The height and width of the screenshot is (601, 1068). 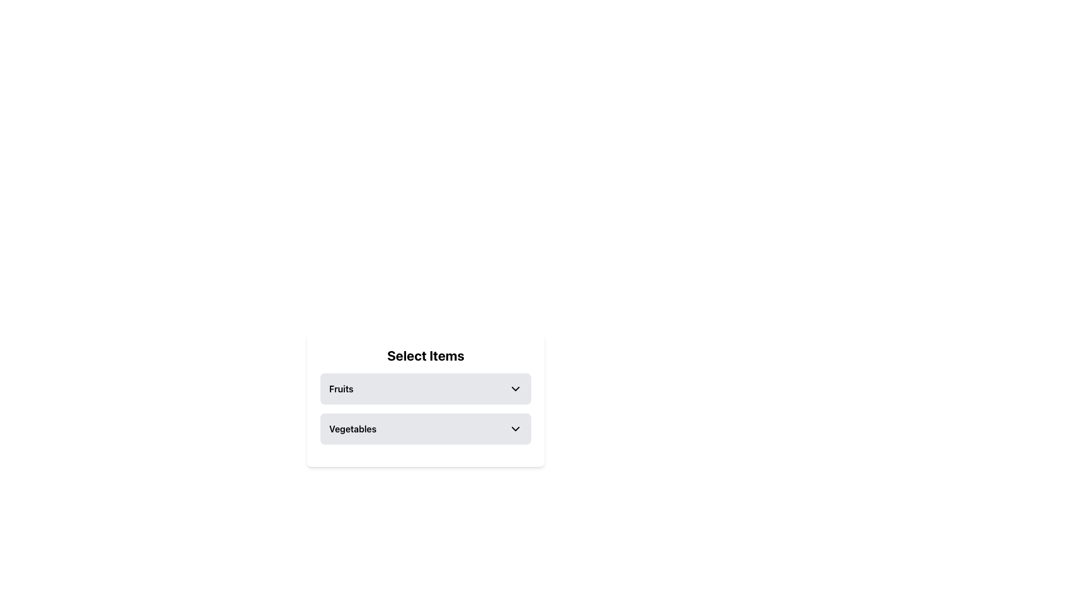 What do you see at coordinates (425, 388) in the screenshot?
I see `the 'Fruits' dropdown selector` at bounding box center [425, 388].